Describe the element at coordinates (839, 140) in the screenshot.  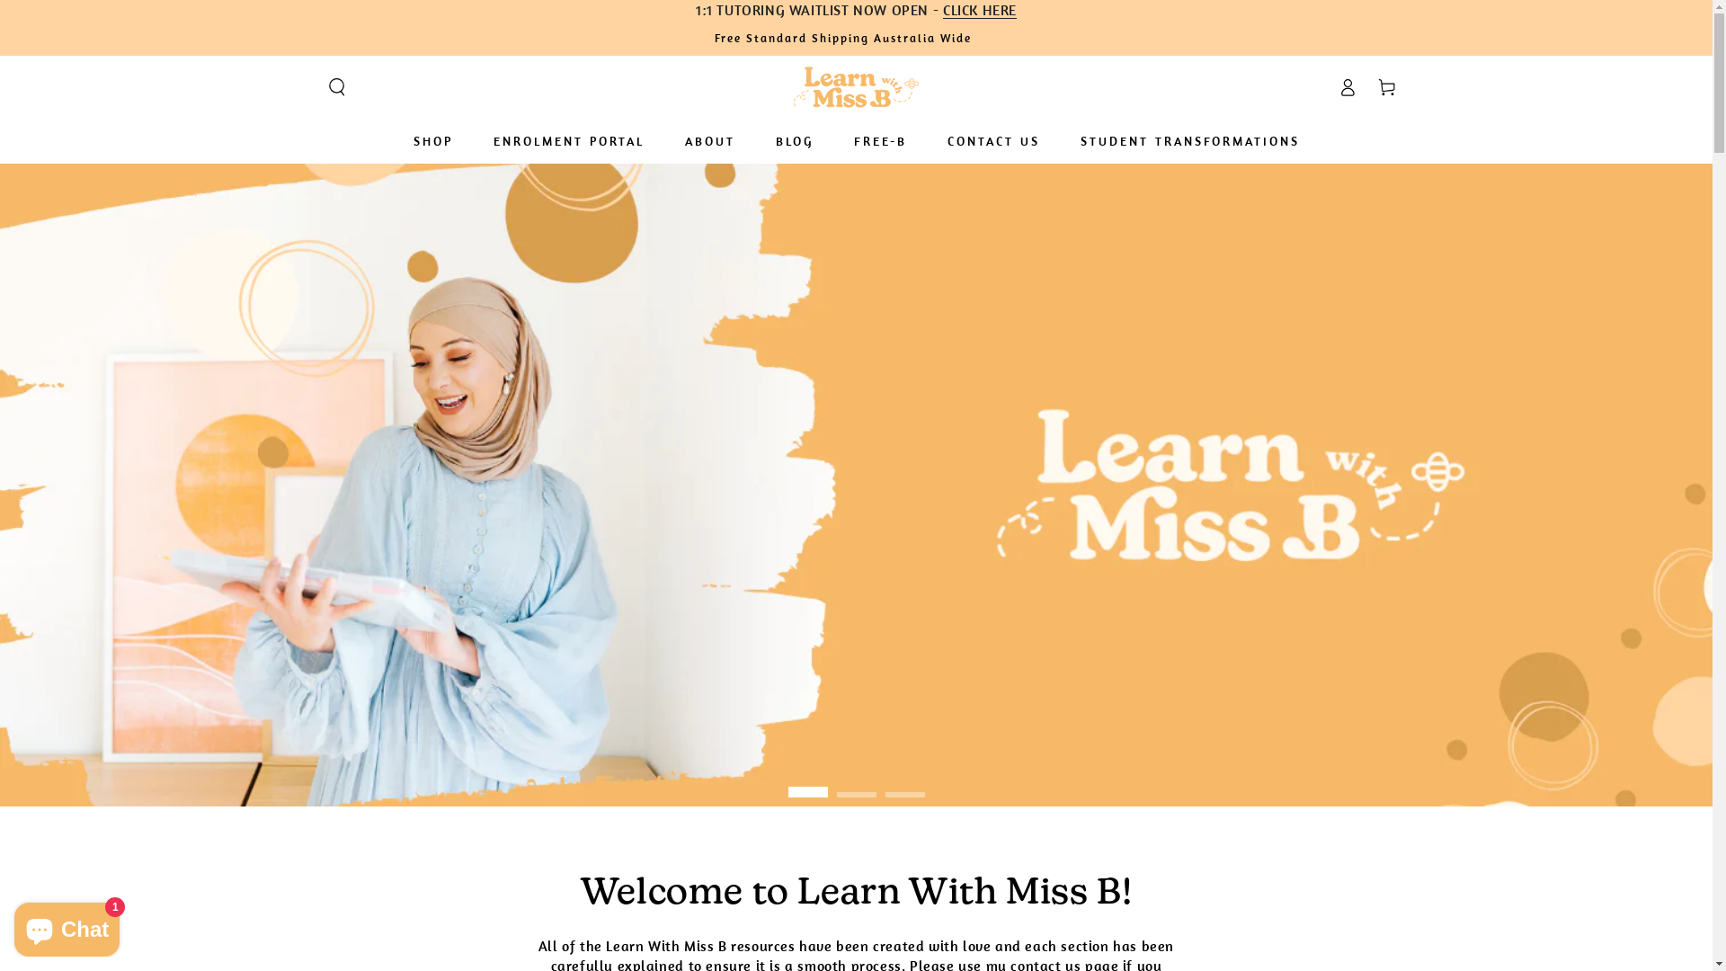
I see `'FREE-B'` at that location.